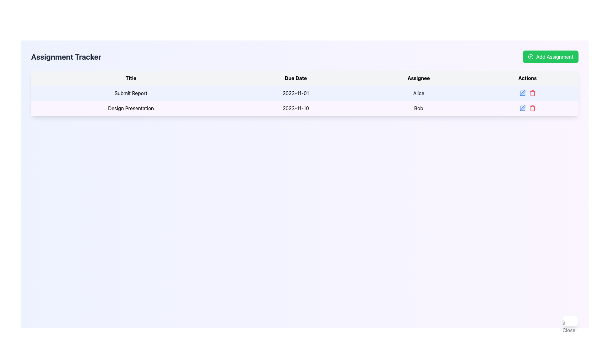 The width and height of the screenshot is (603, 339). Describe the element at coordinates (131, 78) in the screenshot. I see `the Text Label that serves as the column header for 'Title', located at the top-left corner of the header row` at that location.